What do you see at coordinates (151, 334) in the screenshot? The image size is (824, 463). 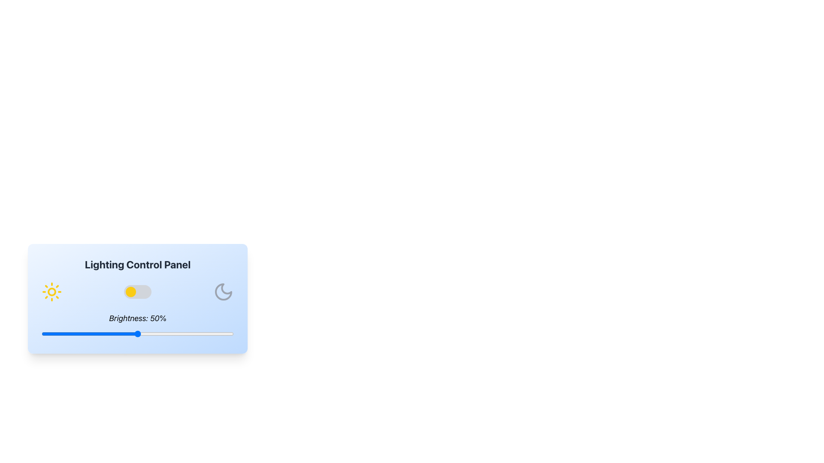 I see `the brightness level` at bounding box center [151, 334].